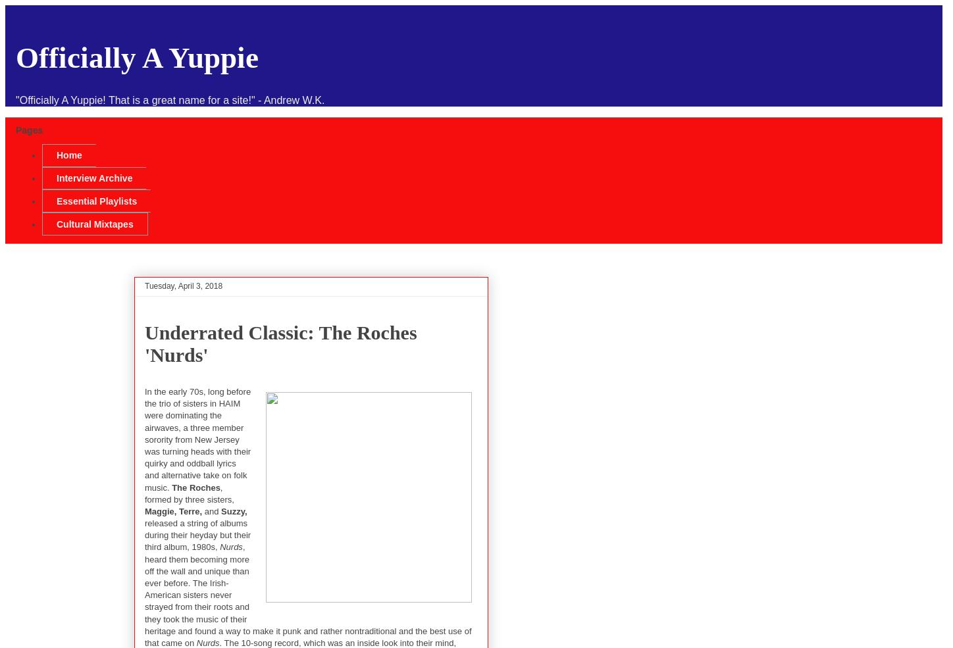 The image size is (953, 648). What do you see at coordinates (95, 200) in the screenshot?
I see `'Essential Playlists'` at bounding box center [95, 200].